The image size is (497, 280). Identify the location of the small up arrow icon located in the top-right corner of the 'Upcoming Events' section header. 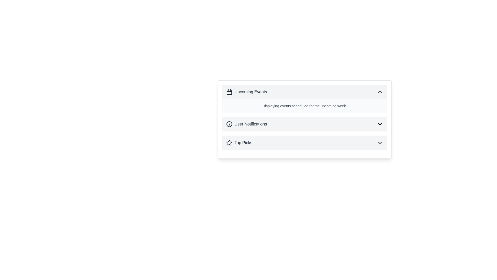
(380, 92).